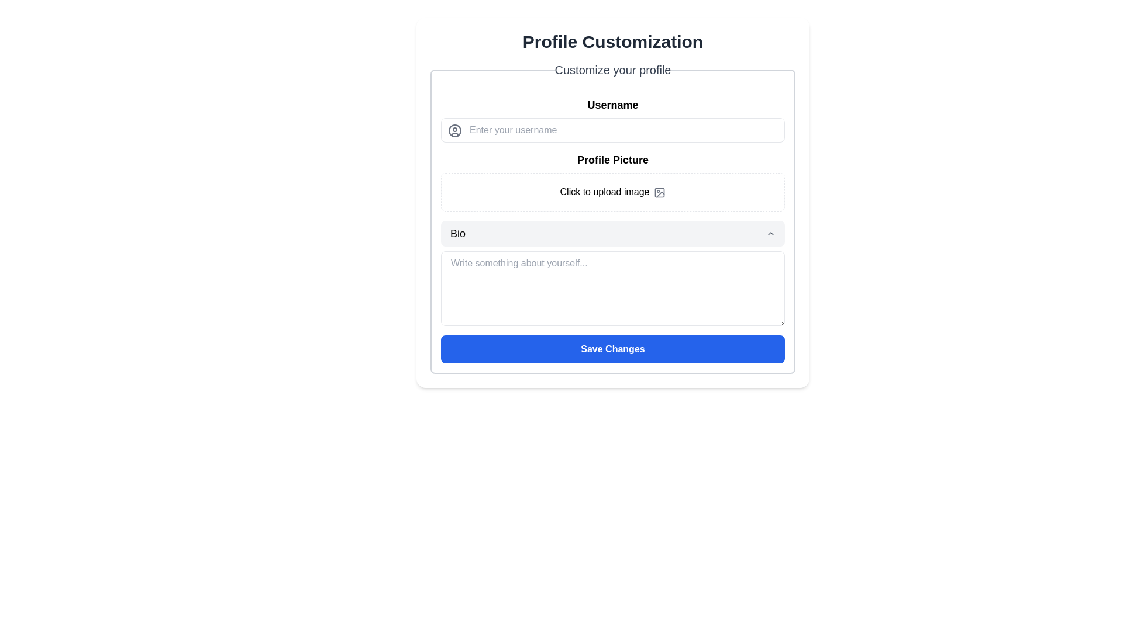 This screenshot has width=1123, height=631. What do you see at coordinates (612, 348) in the screenshot?
I see `the 'Save Changes' button located at the bottom of the form titled 'Customize your profile'` at bounding box center [612, 348].